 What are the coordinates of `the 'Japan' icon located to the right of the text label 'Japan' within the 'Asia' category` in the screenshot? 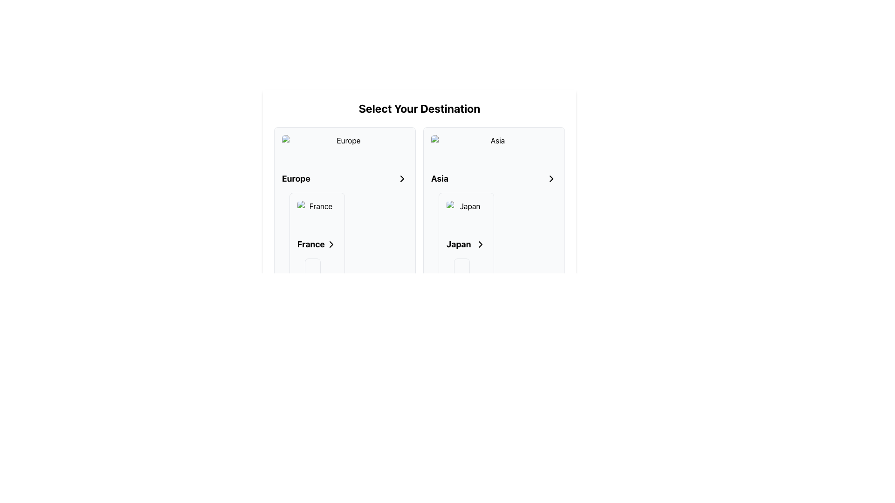 It's located at (481, 244).